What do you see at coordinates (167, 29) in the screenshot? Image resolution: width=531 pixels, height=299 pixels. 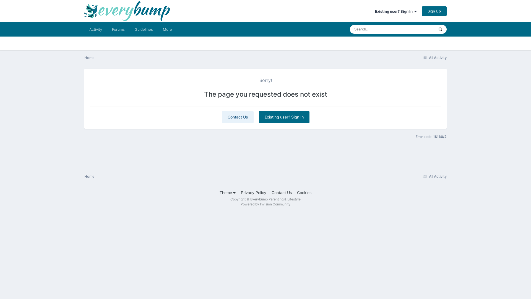 I see `'More'` at bounding box center [167, 29].